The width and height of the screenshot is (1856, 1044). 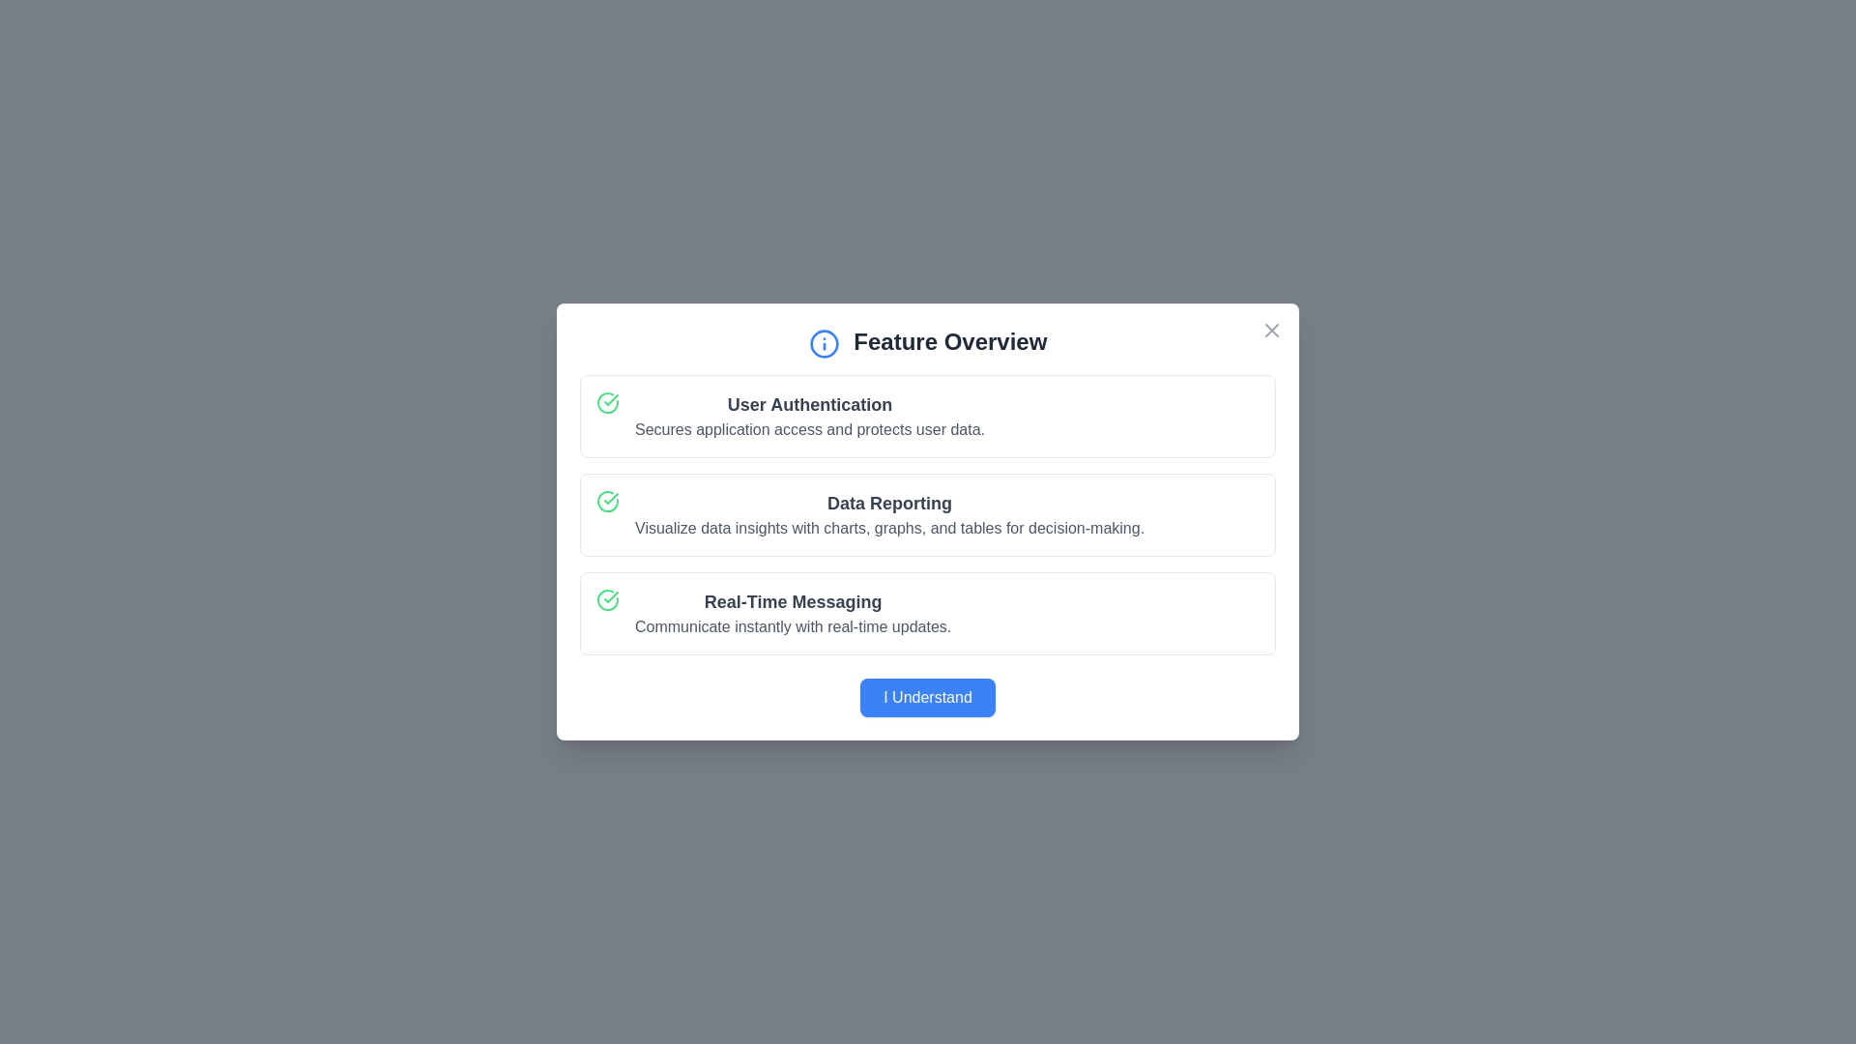 I want to click on 'I Understand' button to acknowledge the dialog, so click(x=928, y=697).